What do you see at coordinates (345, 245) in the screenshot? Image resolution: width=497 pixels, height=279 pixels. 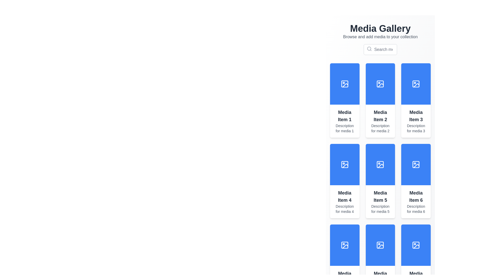 I see `the Icon element, which is a small image depicting a photograph with a blue background and white strokes, located in the first column of the third row of a grid layout` at bounding box center [345, 245].